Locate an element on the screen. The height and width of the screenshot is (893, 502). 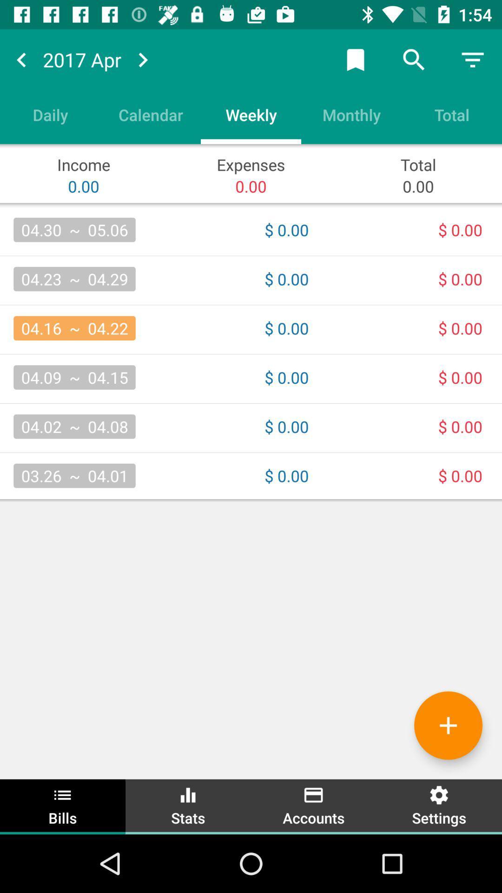
the bookmark icon is located at coordinates (355, 59).